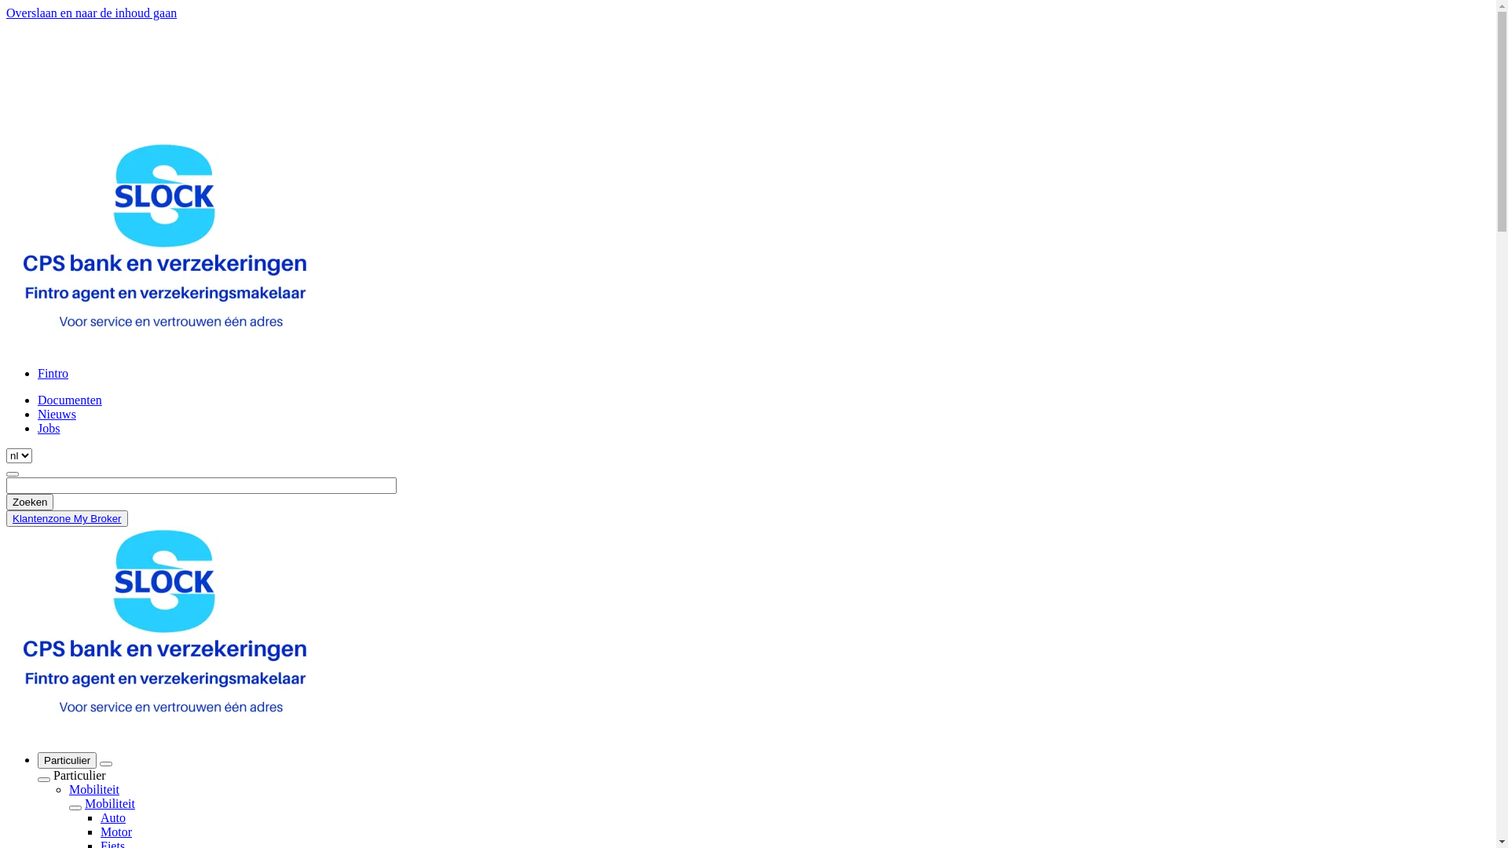 The height and width of the screenshot is (848, 1508). Describe the element at coordinates (6, 502) in the screenshot. I see `'Zoeken'` at that location.